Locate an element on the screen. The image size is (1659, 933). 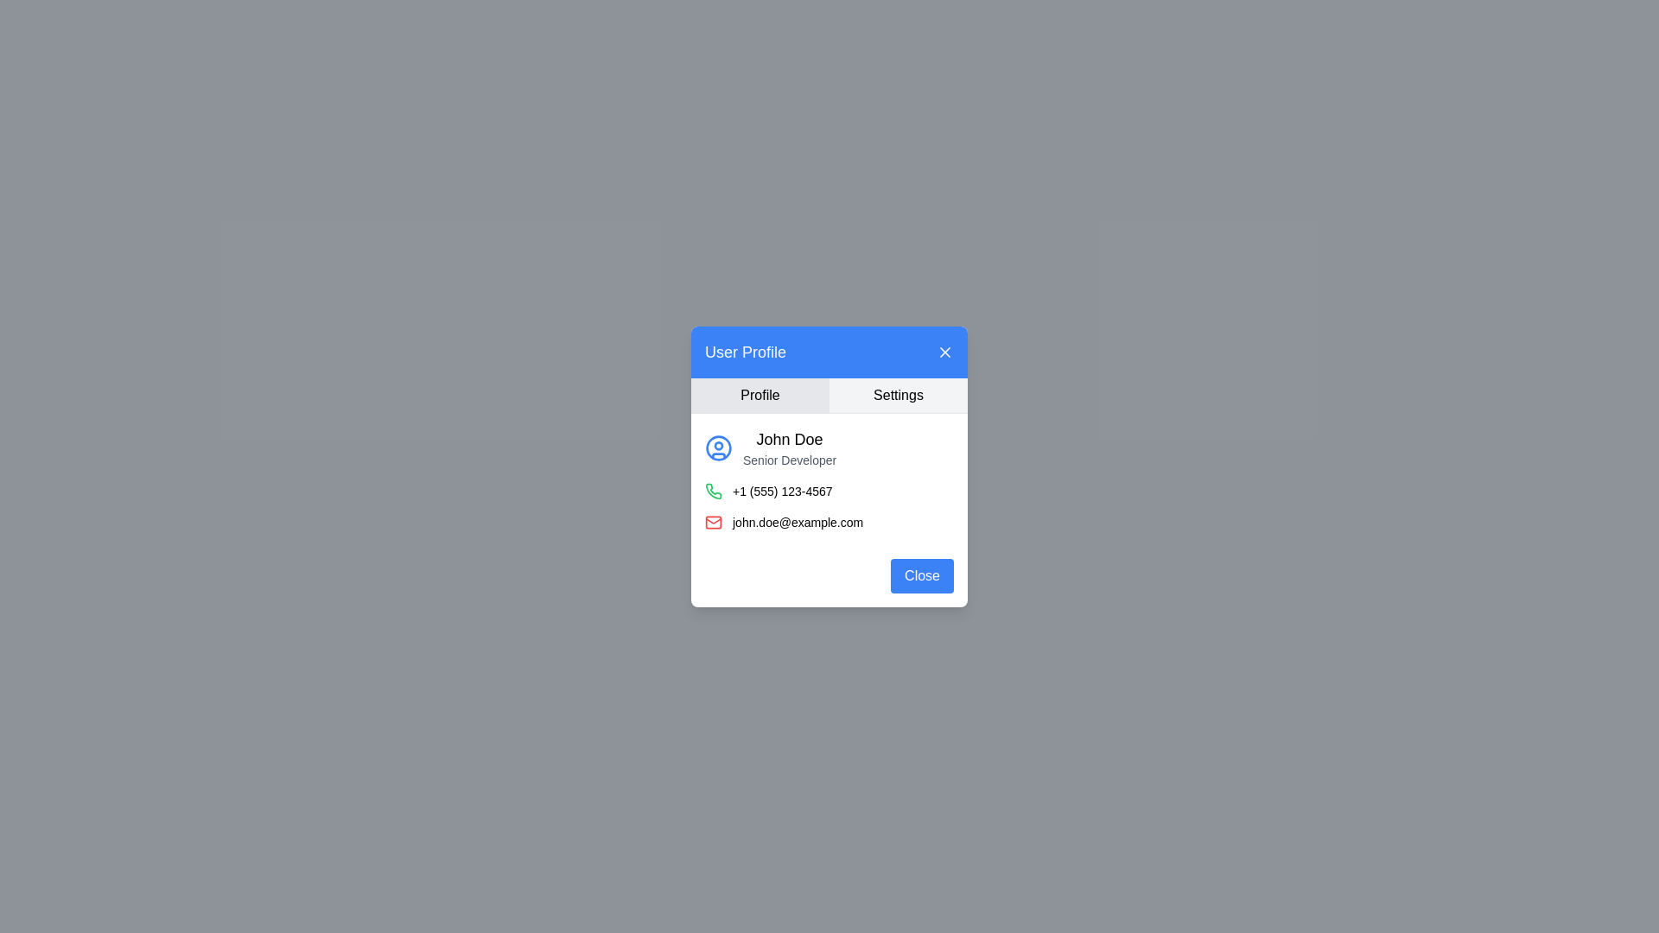
the close button located in the bottom-right corner of the 'User Profile' popup is located at coordinates (921, 575).